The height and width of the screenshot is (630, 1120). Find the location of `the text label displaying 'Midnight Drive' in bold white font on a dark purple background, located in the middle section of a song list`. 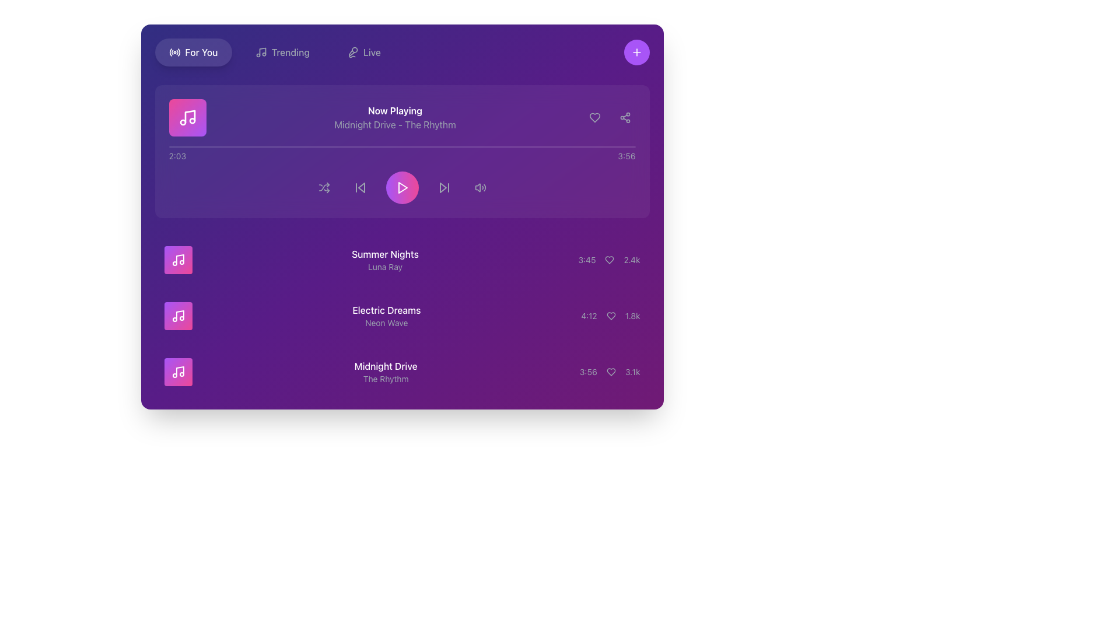

the text label displaying 'Midnight Drive' in bold white font on a dark purple background, located in the middle section of a song list is located at coordinates (386, 366).